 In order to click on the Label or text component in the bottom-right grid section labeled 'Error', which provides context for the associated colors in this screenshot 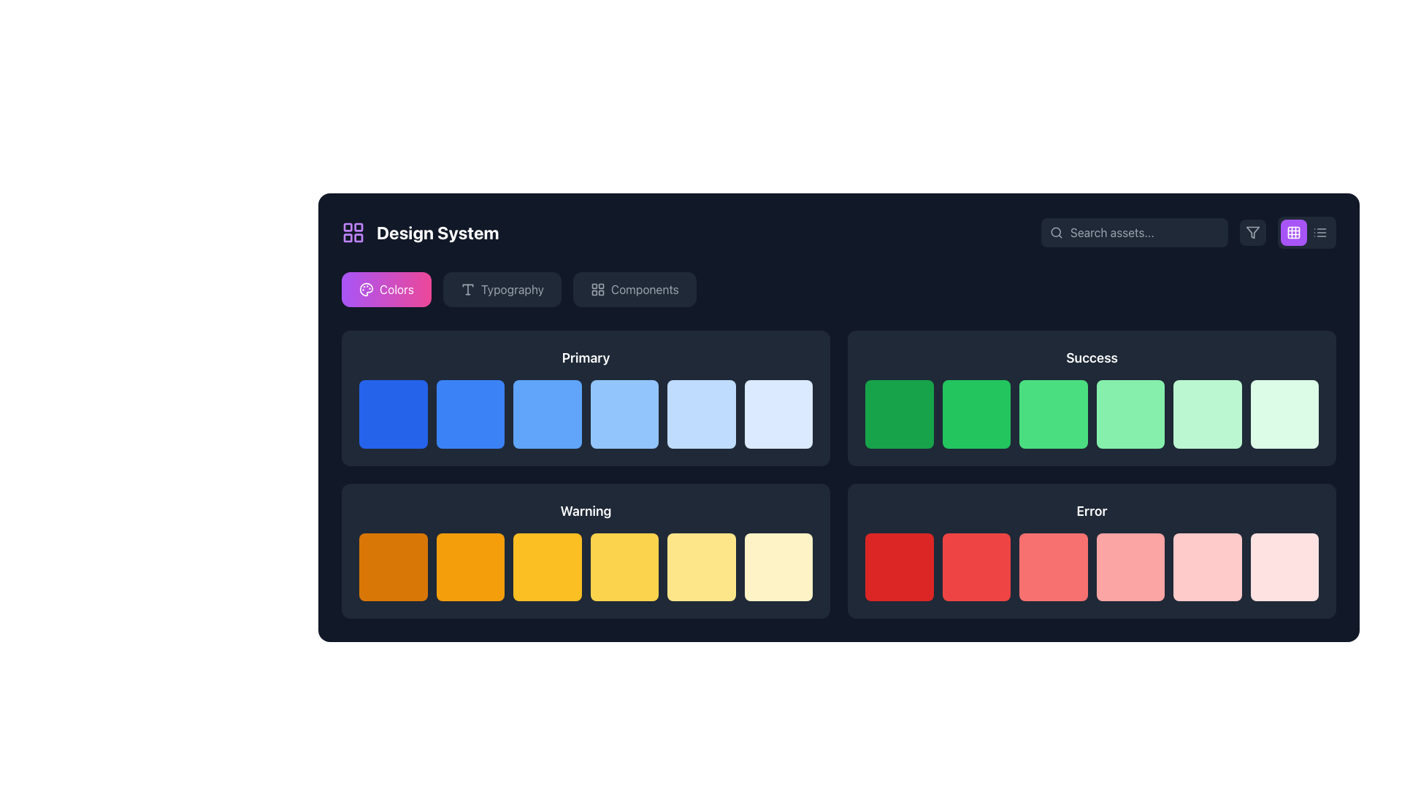, I will do `click(1092, 510)`.